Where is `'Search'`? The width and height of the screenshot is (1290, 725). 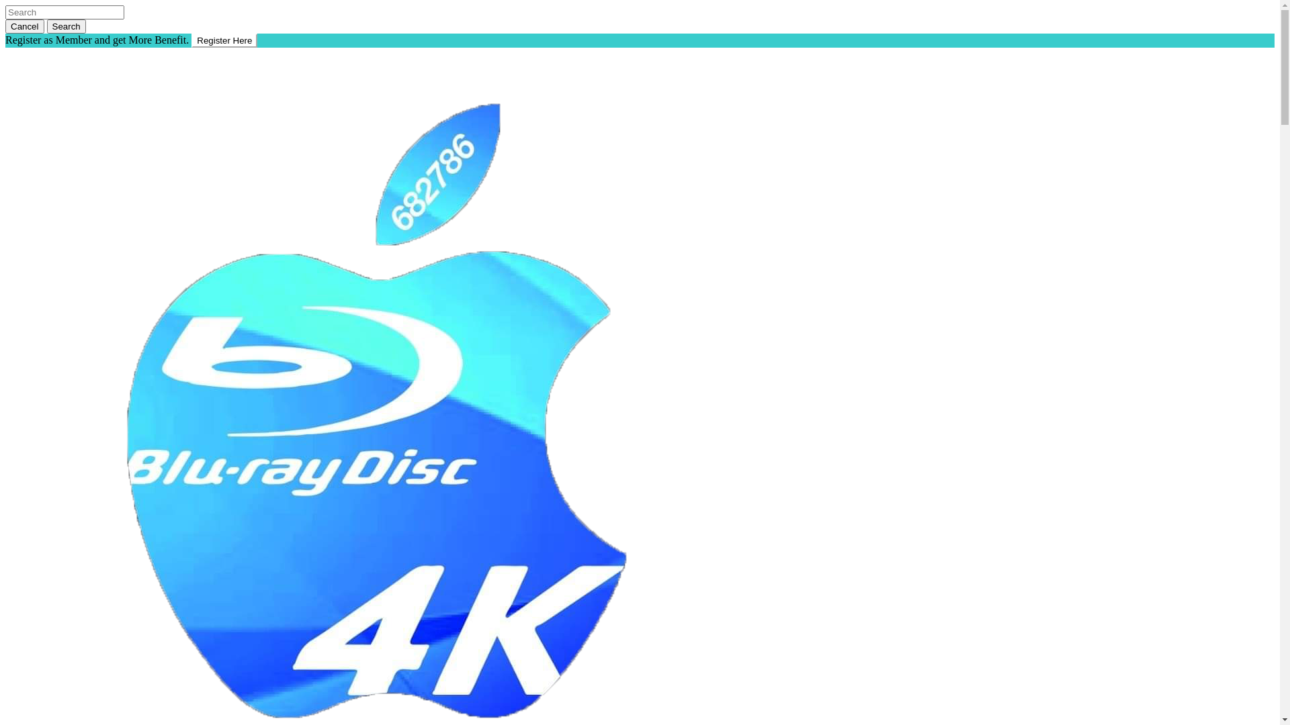
'Search' is located at coordinates (66, 26).